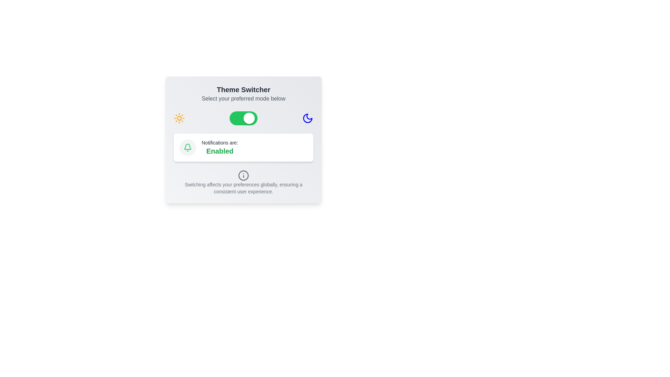 The image size is (670, 377). Describe the element at coordinates (219, 142) in the screenshot. I see `the descriptive Text label indicating the purpose or current state of the notification settings, located above the 'Enabled' text in the card's layout` at that location.